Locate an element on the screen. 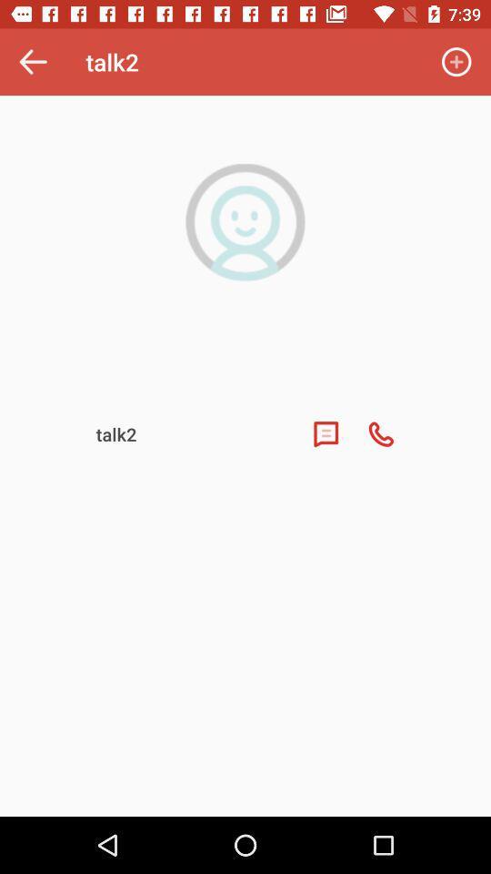 The image size is (491, 874). send a message button is located at coordinates (325, 434).